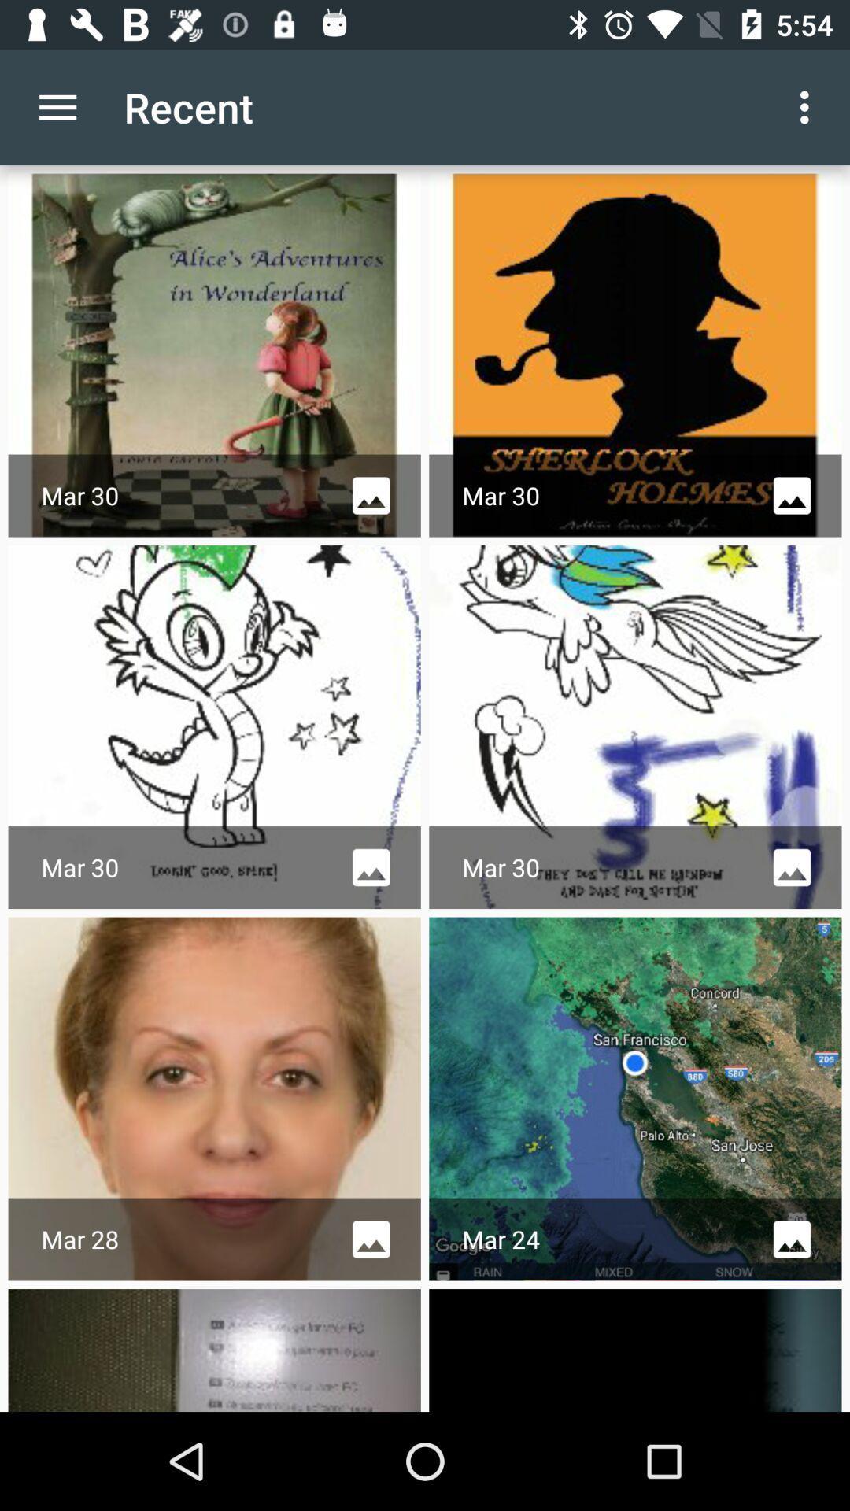 The width and height of the screenshot is (850, 1511). Describe the element at coordinates (215, 1098) in the screenshot. I see `mar 28` at that location.